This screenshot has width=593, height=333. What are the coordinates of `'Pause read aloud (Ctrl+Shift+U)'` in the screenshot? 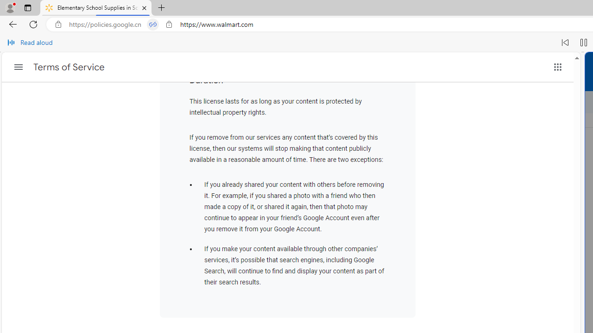 It's located at (583, 43).